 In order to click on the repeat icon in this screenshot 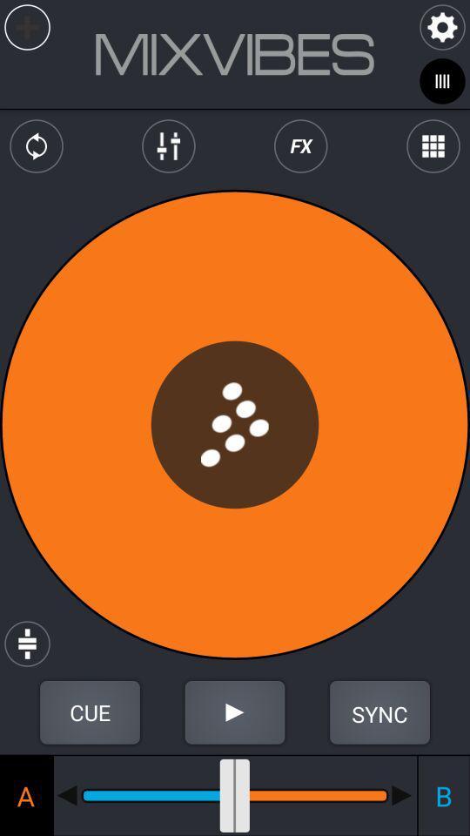, I will do `click(37, 145)`.